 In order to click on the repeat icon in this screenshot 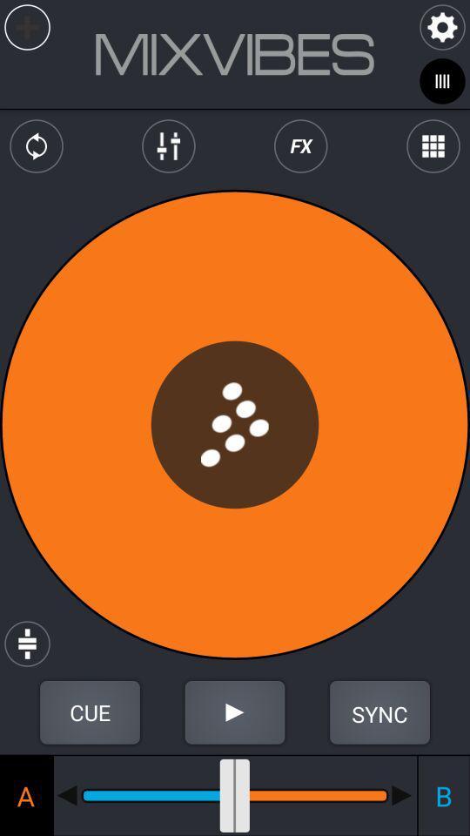, I will do `click(37, 145)`.